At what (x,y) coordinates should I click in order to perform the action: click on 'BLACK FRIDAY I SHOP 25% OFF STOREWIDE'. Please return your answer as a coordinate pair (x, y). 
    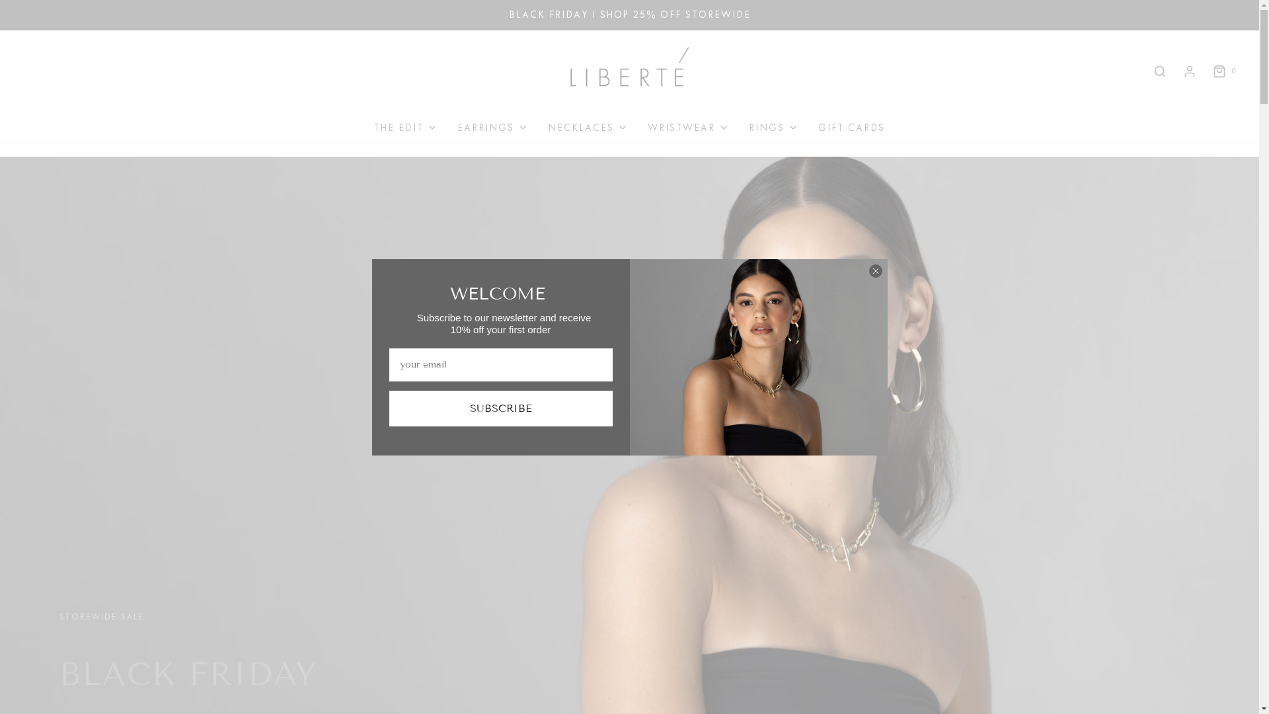
    Looking at the image, I should click on (629, 15).